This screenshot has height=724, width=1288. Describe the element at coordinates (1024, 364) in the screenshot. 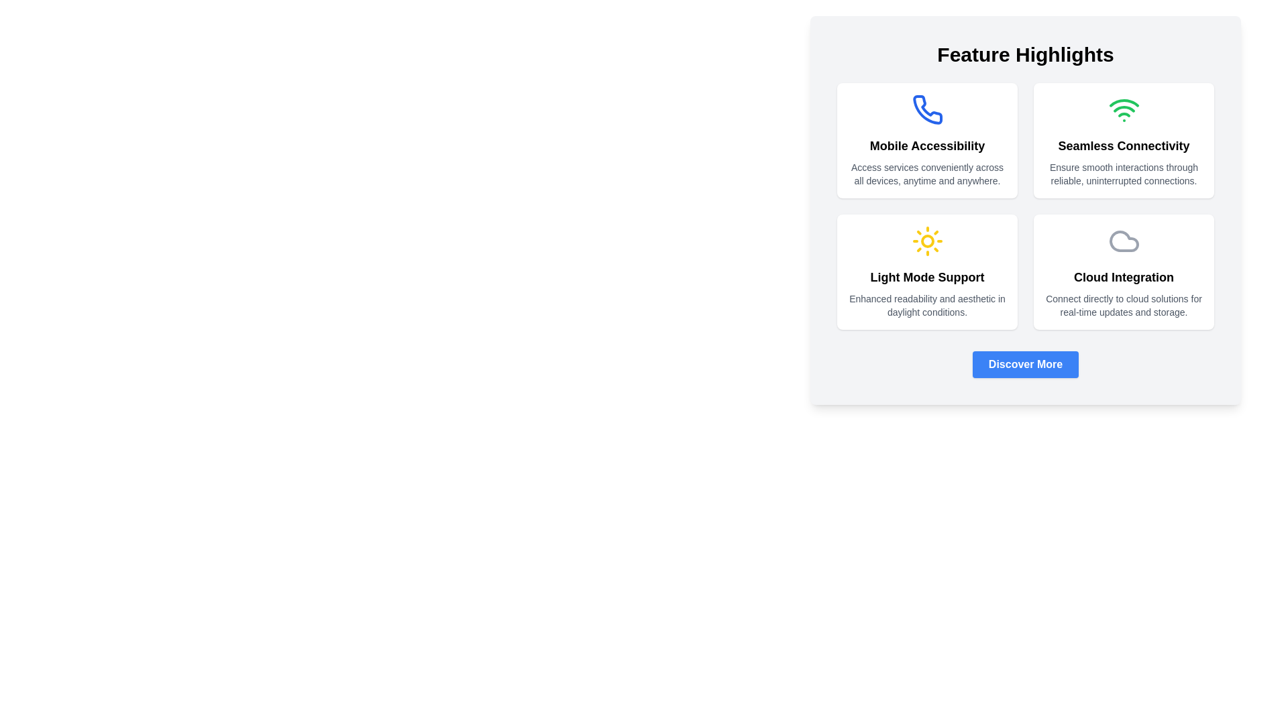

I see `the blue button labeled 'Discover More' located at the bottom center of the 'Feature Highlights' section` at that location.